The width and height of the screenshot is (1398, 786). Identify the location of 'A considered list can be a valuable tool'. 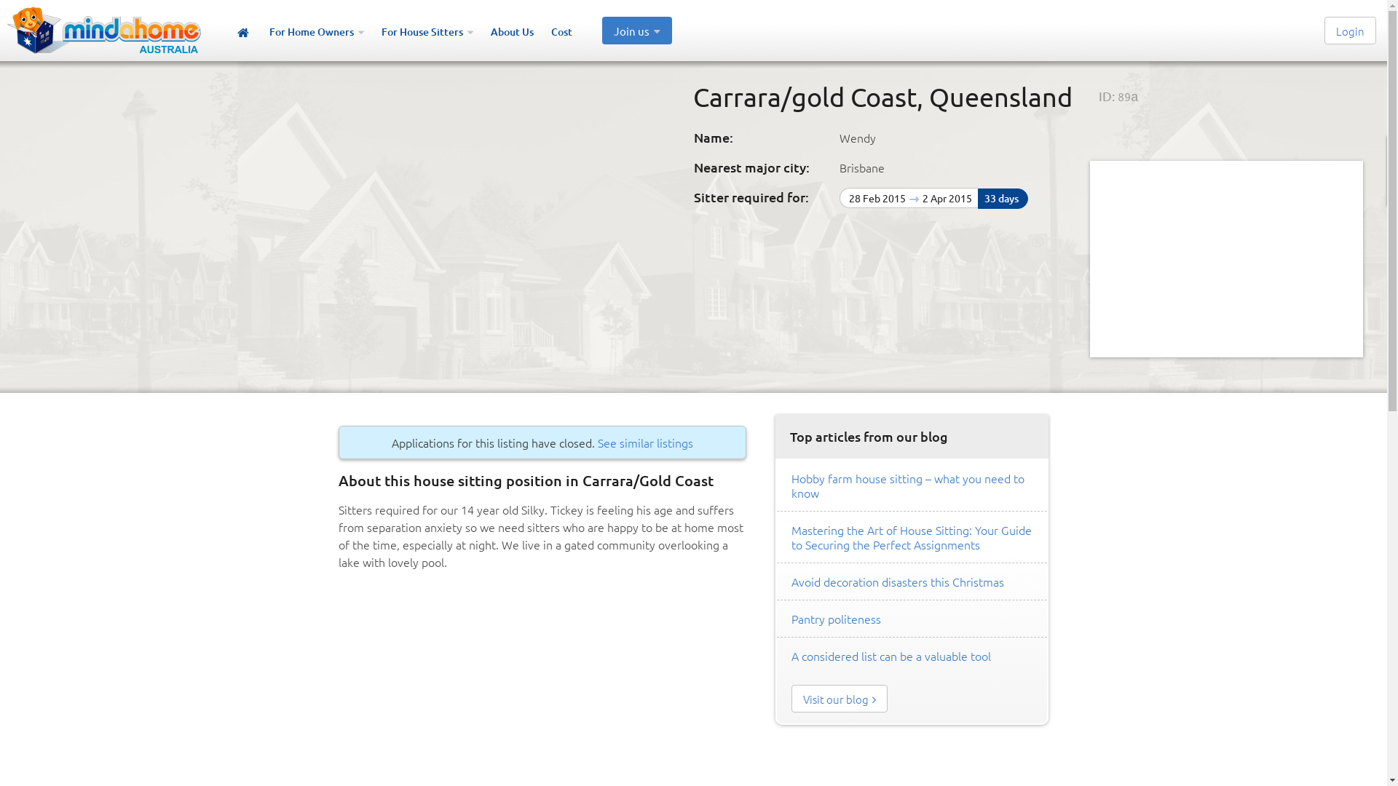
(890, 656).